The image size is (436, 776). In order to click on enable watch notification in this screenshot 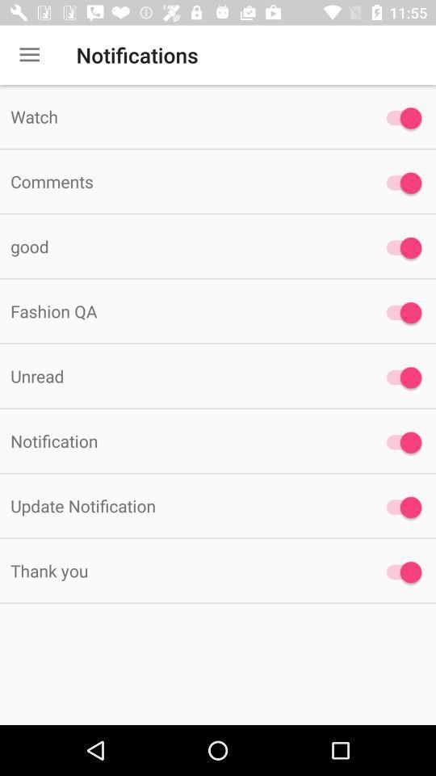, I will do `click(399, 117)`.